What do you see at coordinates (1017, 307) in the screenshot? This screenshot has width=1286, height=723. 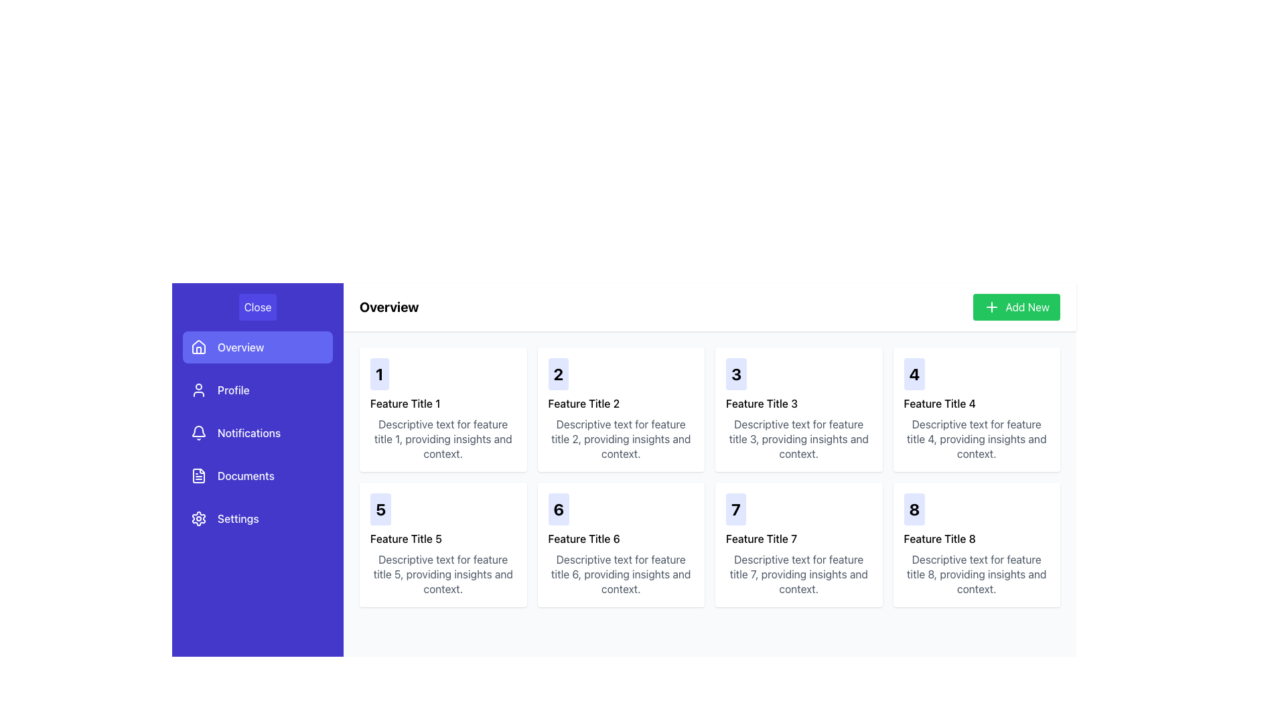 I see `the interactive button located in the top-right corner of the white header bar labeled 'Overview'` at bounding box center [1017, 307].